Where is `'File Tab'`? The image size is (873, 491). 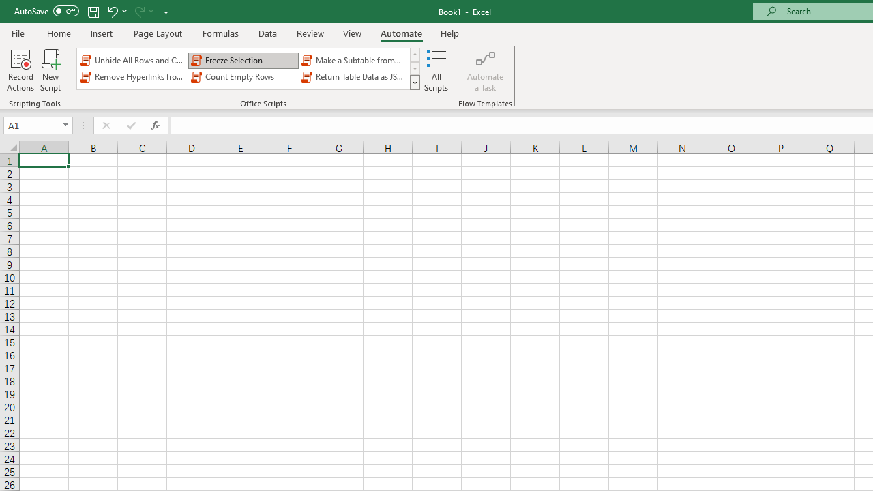 'File Tab' is located at coordinates (18, 32).